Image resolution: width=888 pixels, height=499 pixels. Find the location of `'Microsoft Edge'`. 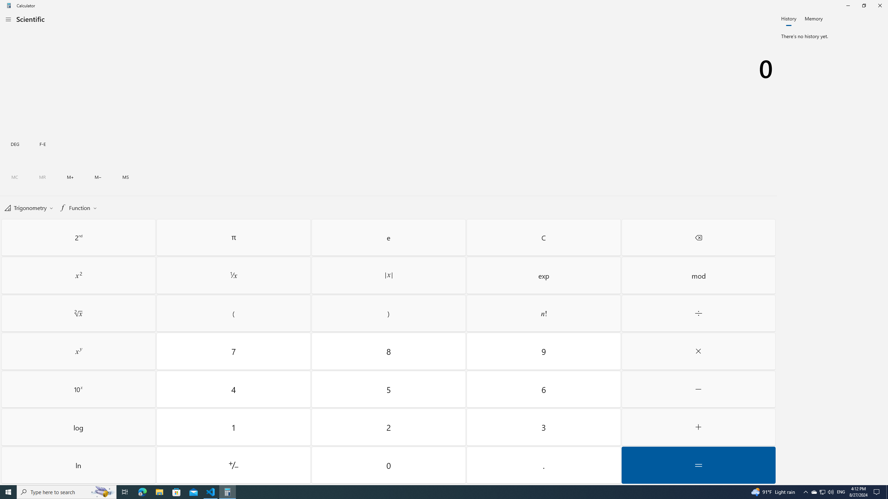

'Microsoft Edge' is located at coordinates (142, 491).